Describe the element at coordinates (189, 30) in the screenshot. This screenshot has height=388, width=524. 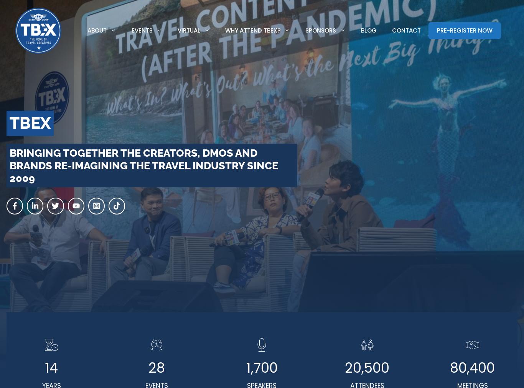
I see `'Virtual'` at that location.